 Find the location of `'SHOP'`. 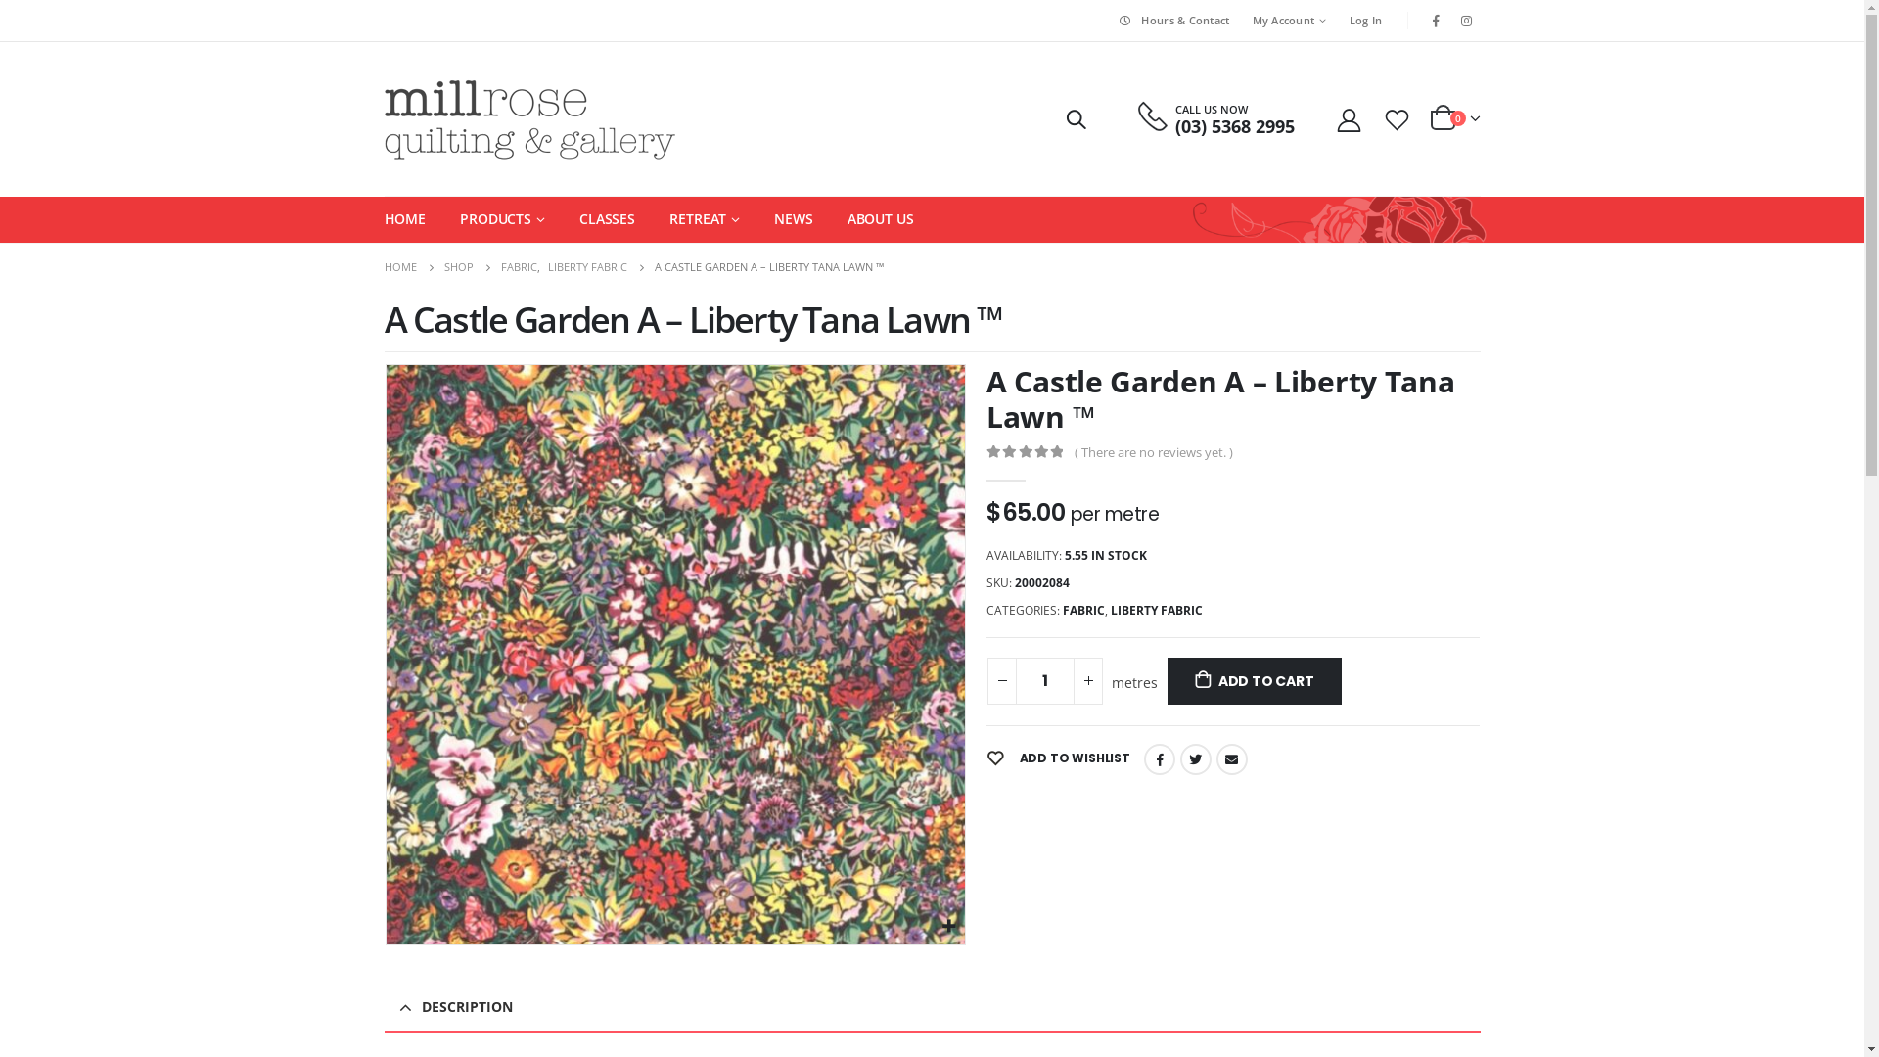

'SHOP' is located at coordinates (458, 267).